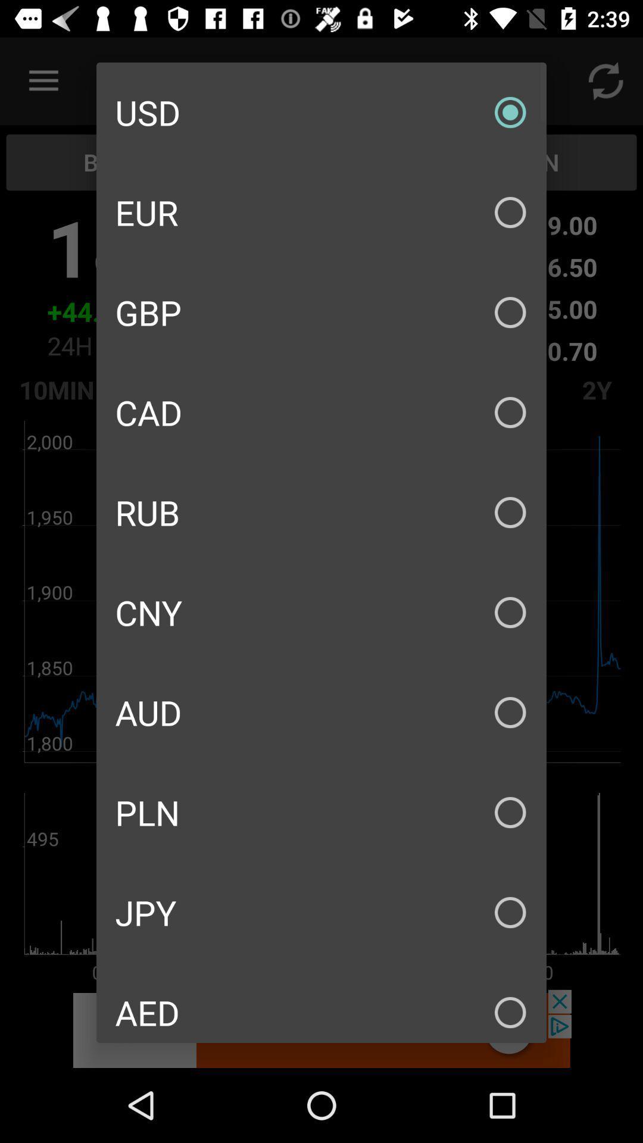 The image size is (643, 1143). Describe the element at coordinates (321, 112) in the screenshot. I see `the usd` at that location.